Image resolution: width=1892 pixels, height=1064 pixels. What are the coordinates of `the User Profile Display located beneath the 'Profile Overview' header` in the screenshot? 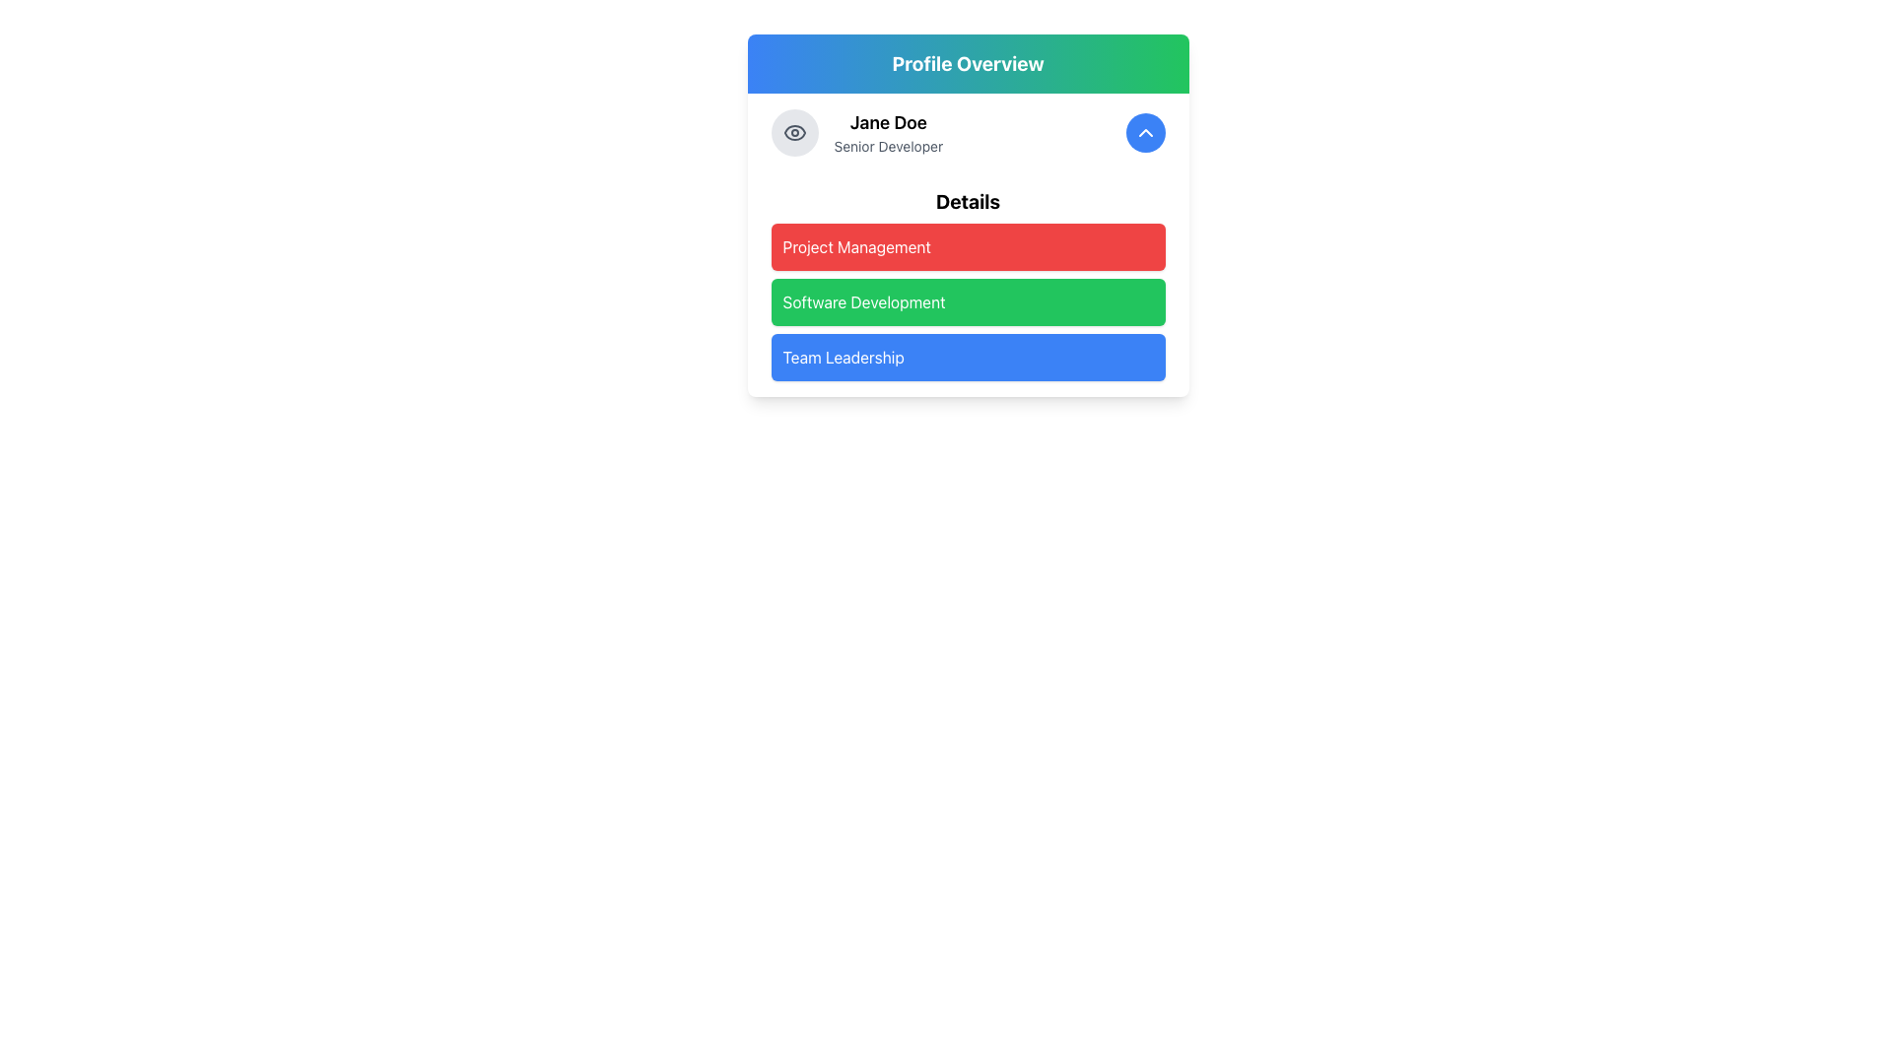 It's located at (856, 133).